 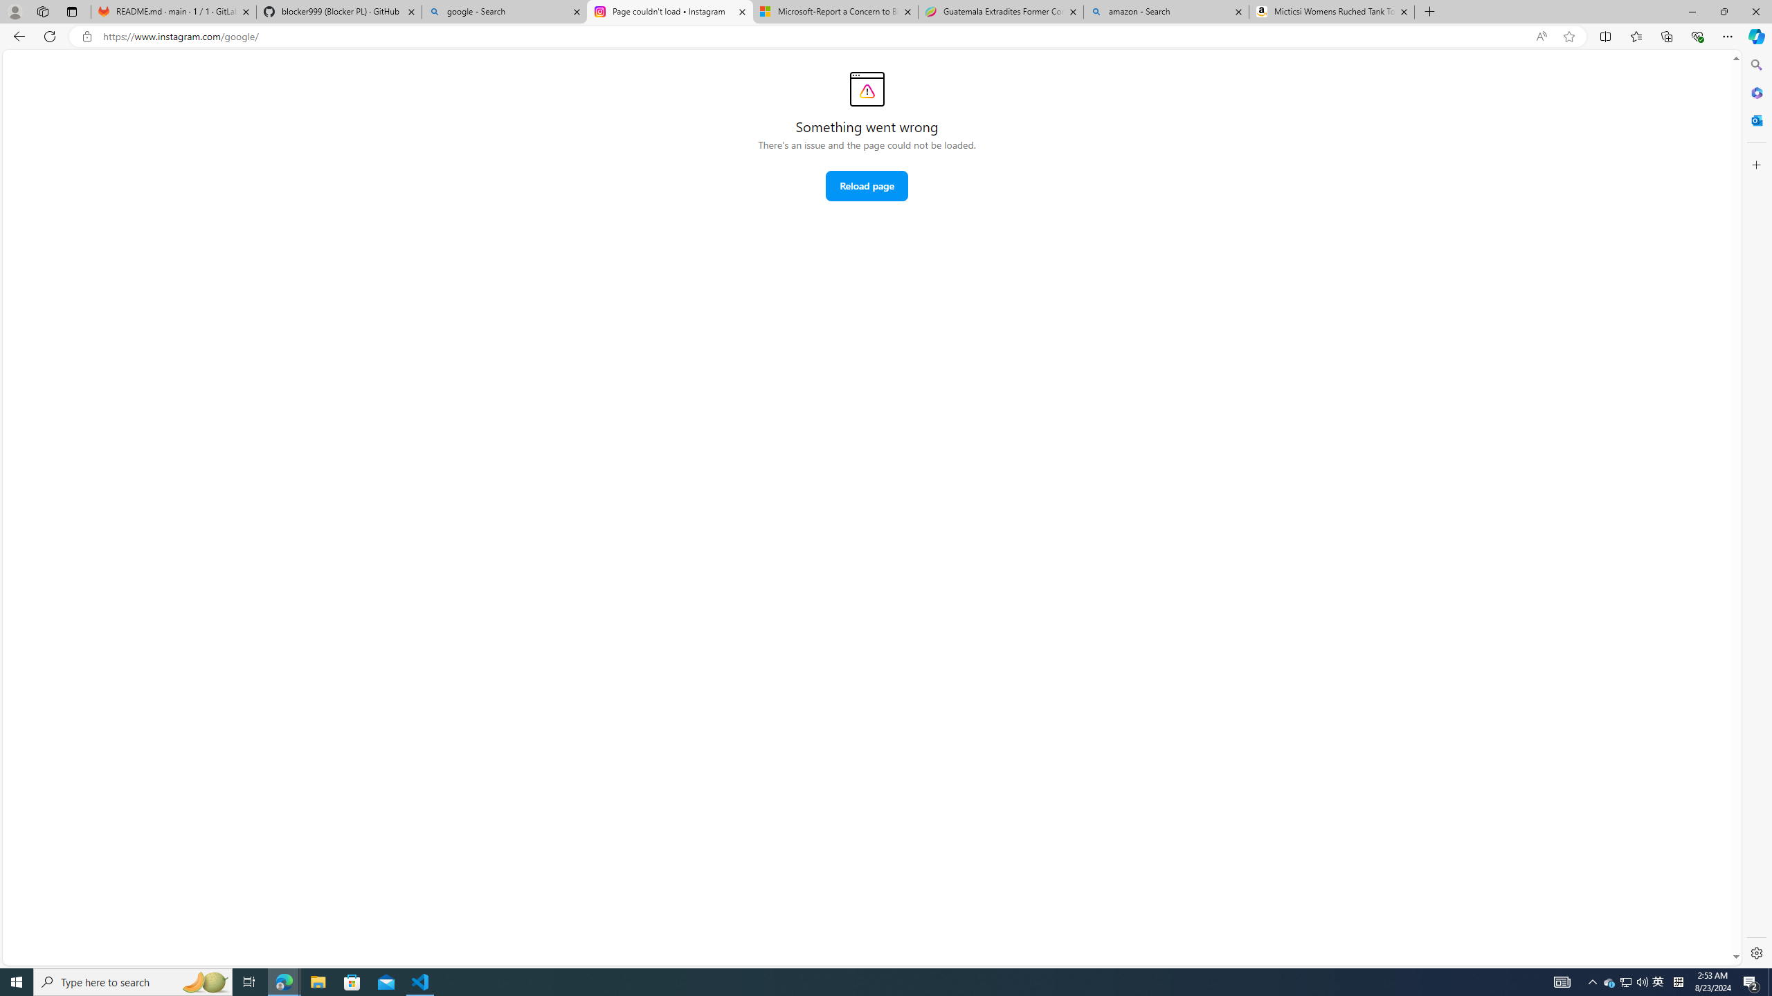 I want to click on 'Refresh', so click(x=48, y=35).